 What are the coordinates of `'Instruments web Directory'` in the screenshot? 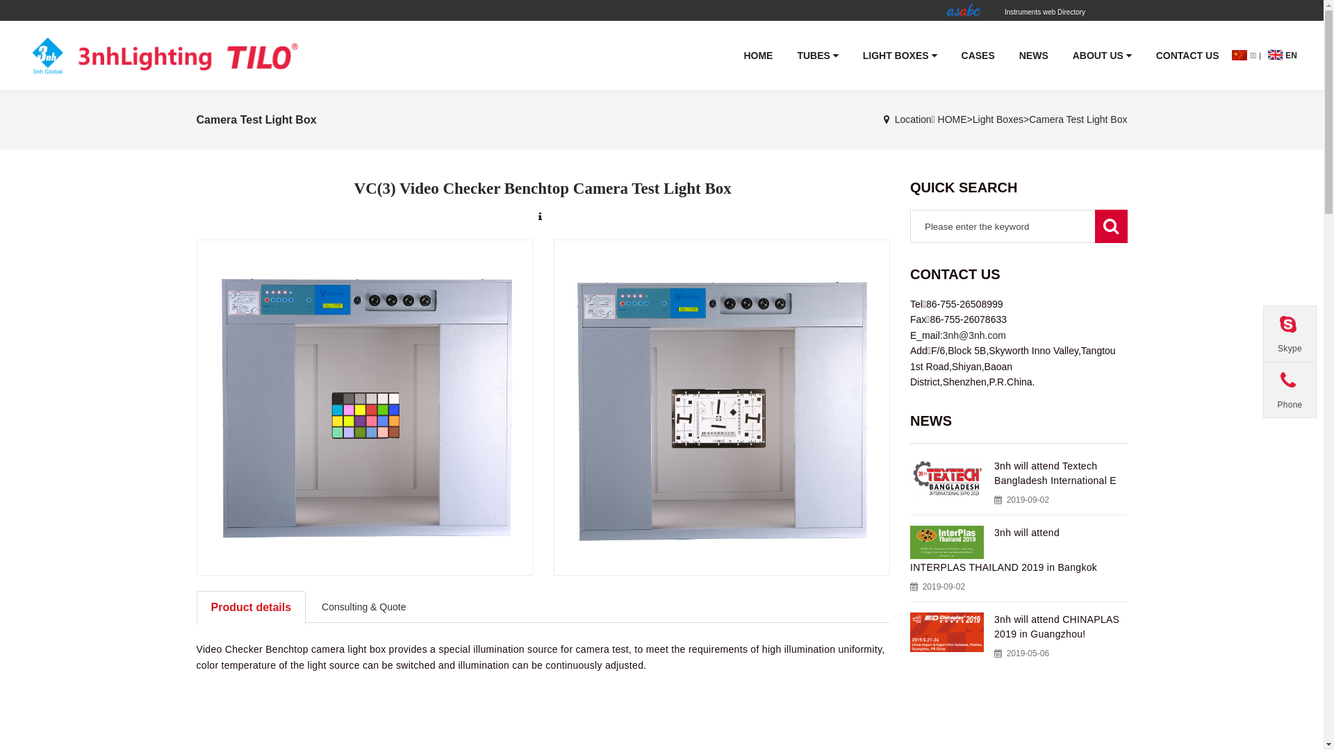 It's located at (1016, 10).